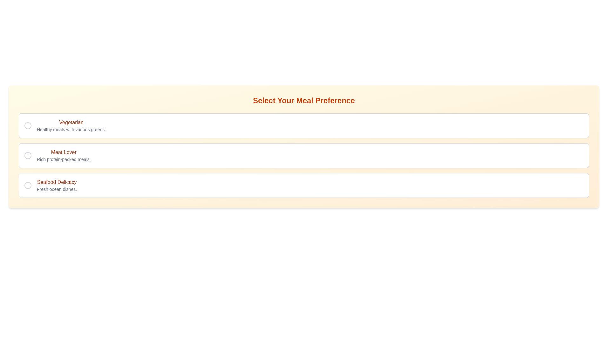  Describe the element at coordinates (27, 126) in the screenshot. I see `the radio button for the 'Vegetarian' option` at that location.